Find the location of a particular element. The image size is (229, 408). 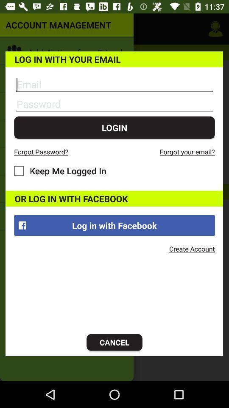

the cancel is located at coordinates (114, 342).